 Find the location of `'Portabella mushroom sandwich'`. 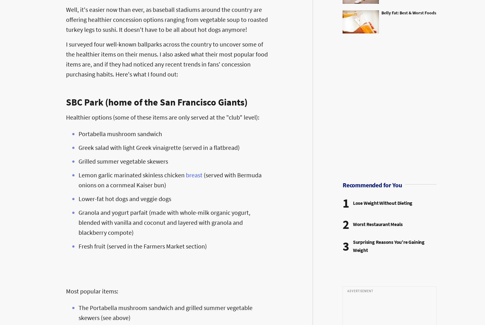

'Portabella mushroom sandwich' is located at coordinates (78, 133).